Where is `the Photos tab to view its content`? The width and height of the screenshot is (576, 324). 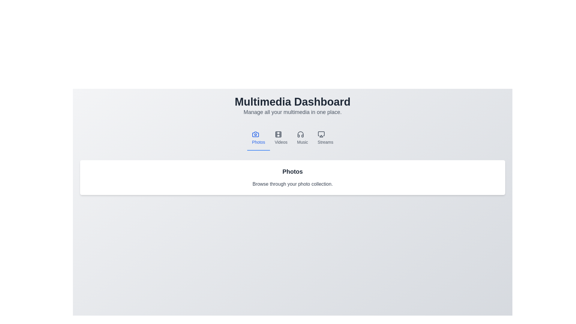
the Photos tab to view its content is located at coordinates (258, 138).